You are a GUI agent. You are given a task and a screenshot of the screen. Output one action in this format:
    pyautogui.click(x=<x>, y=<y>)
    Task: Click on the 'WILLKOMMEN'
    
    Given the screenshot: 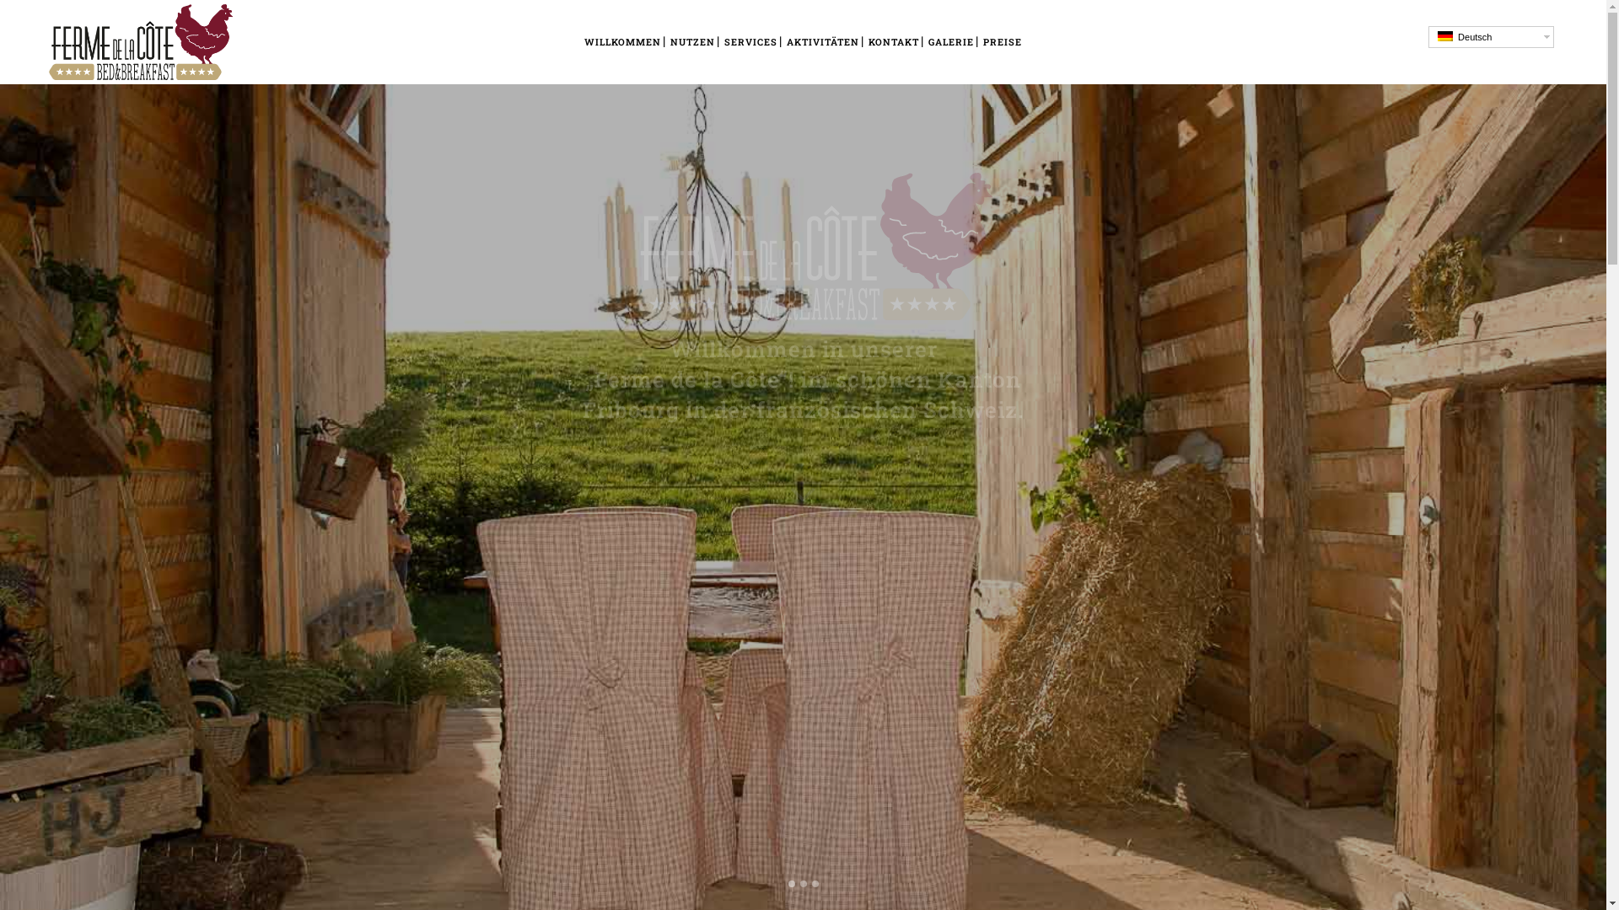 What is the action you would take?
    pyautogui.click(x=621, y=41)
    